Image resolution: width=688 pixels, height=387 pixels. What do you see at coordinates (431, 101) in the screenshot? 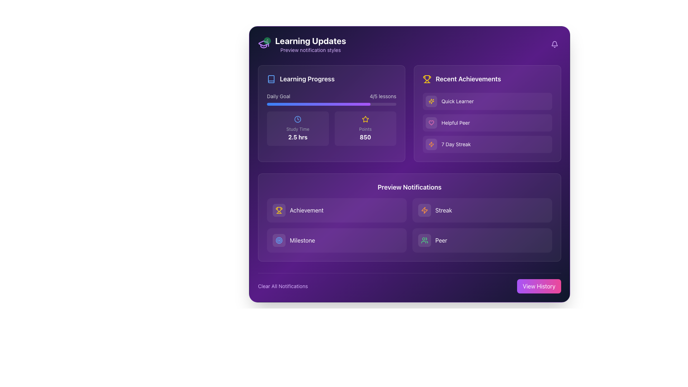
I see `the decorative star-like graphic that is part of the sparkling icon in the top-right corner of the header` at bounding box center [431, 101].